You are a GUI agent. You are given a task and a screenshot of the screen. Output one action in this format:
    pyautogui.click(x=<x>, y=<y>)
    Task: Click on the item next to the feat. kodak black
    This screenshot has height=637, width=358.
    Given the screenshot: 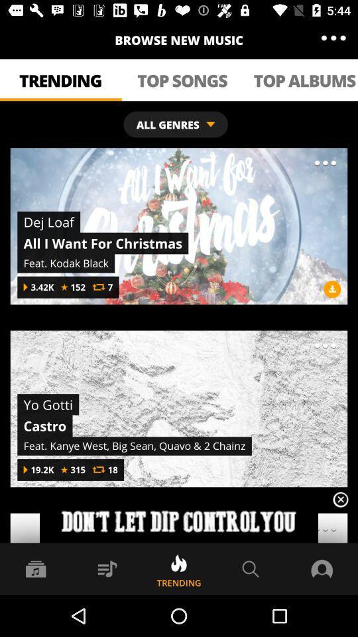 What is the action you would take?
    pyautogui.click(x=331, y=289)
    